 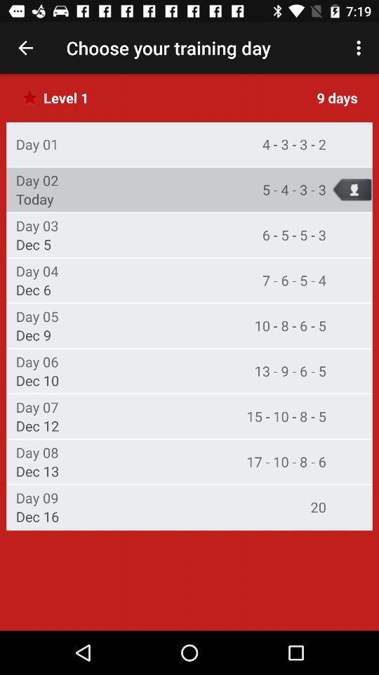 I want to click on the icon below the day 03 item, so click(x=34, y=244).